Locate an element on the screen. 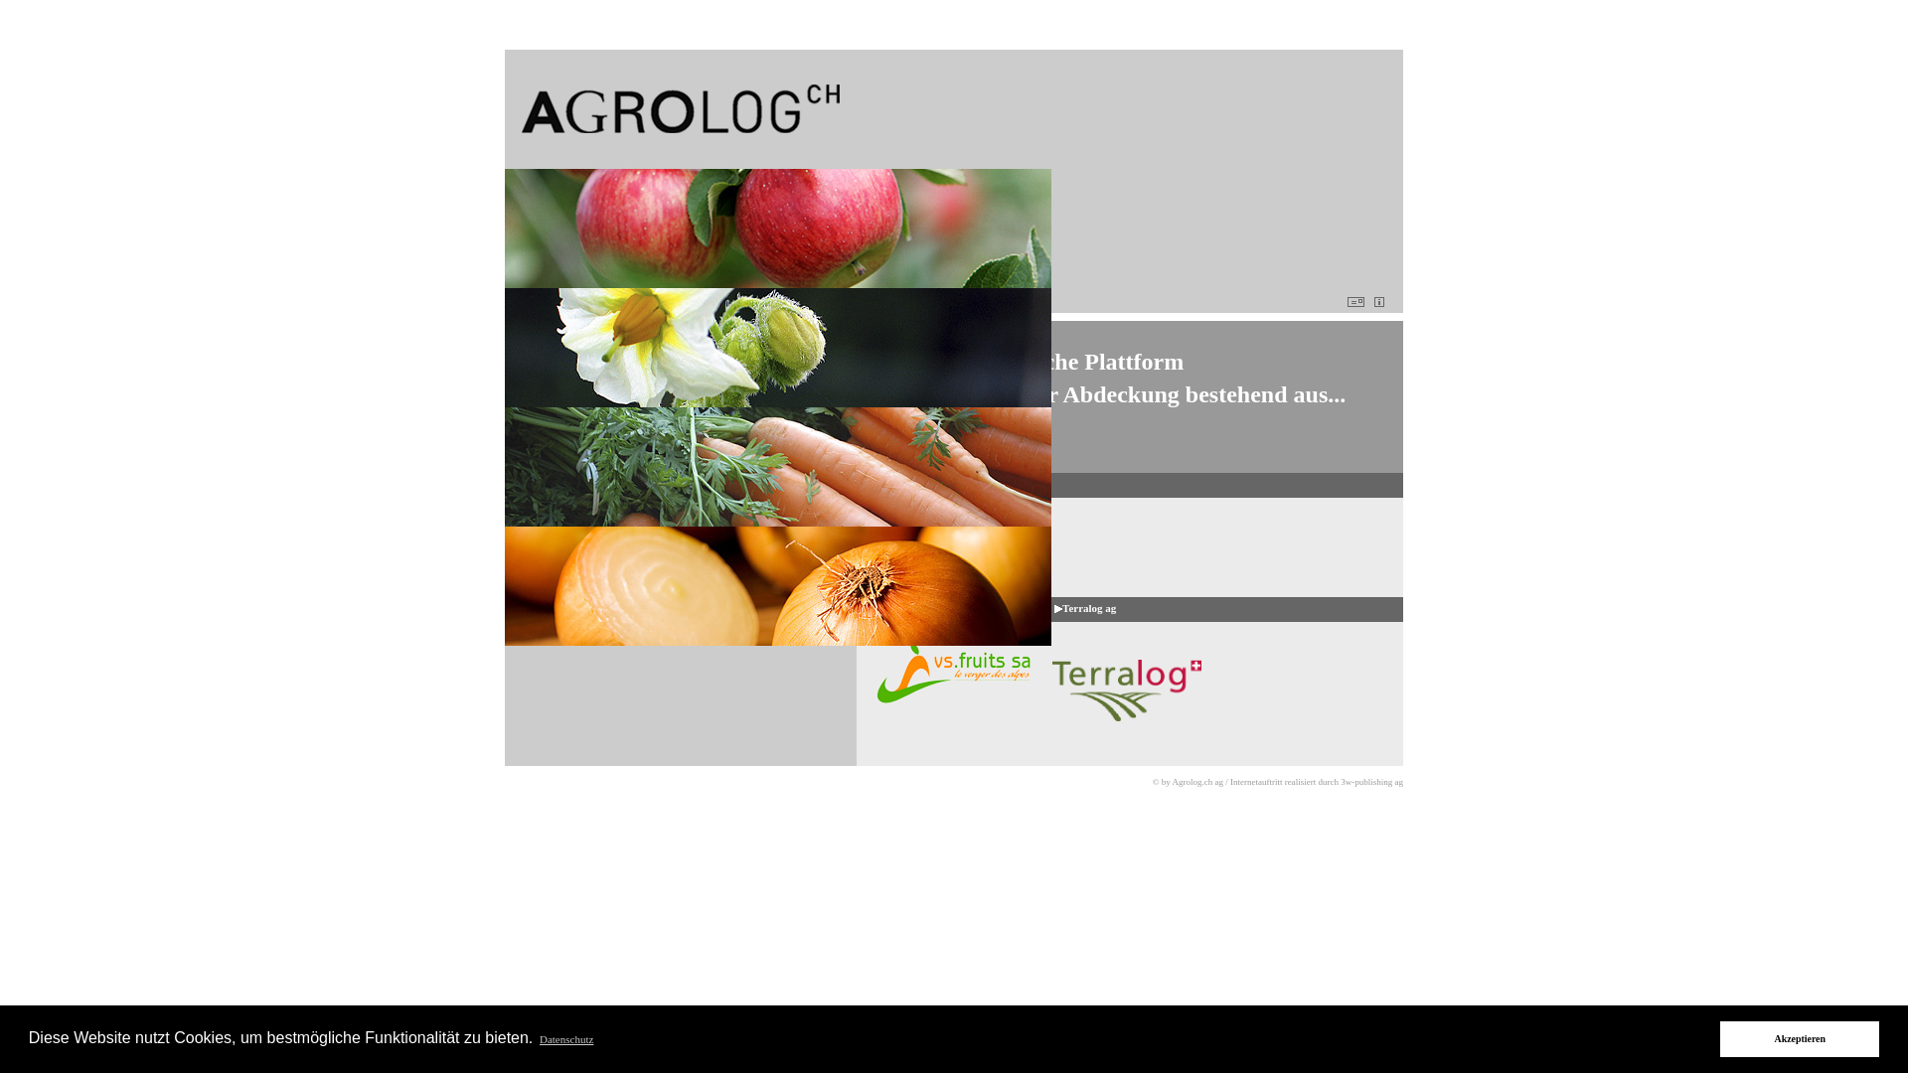  '   Terralog ag' is located at coordinates (1083, 607).